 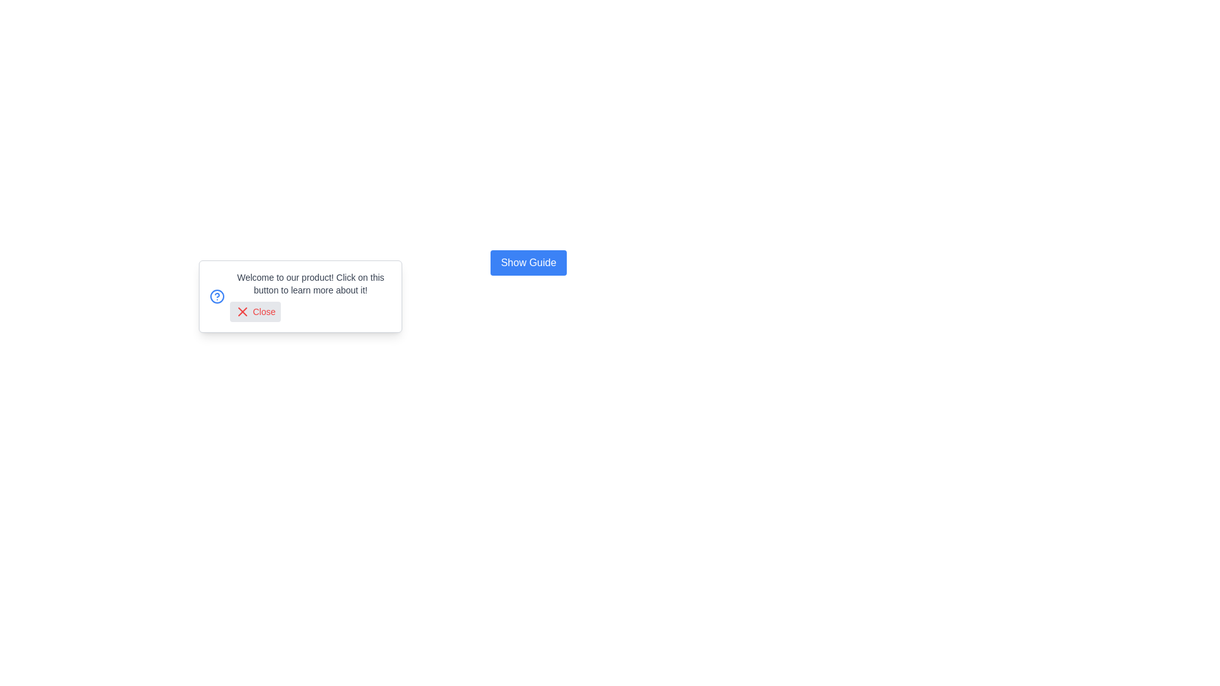 I want to click on the circular icon with a blue border containing a question mark and a dot, located in the top-left corner of the prompt box, so click(x=217, y=296).